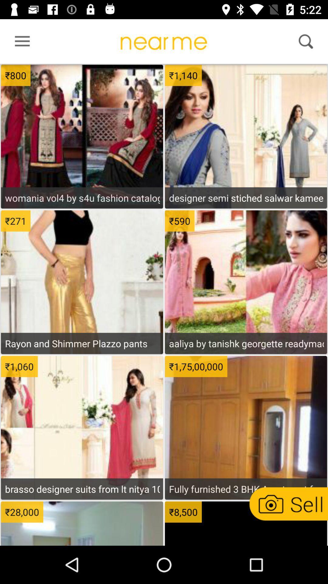 The image size is (328, 584). What do you see at coordinates (246, 343) in the screenshot?
I see `the aaliya by tanishk` at bounding box center [246, 343].